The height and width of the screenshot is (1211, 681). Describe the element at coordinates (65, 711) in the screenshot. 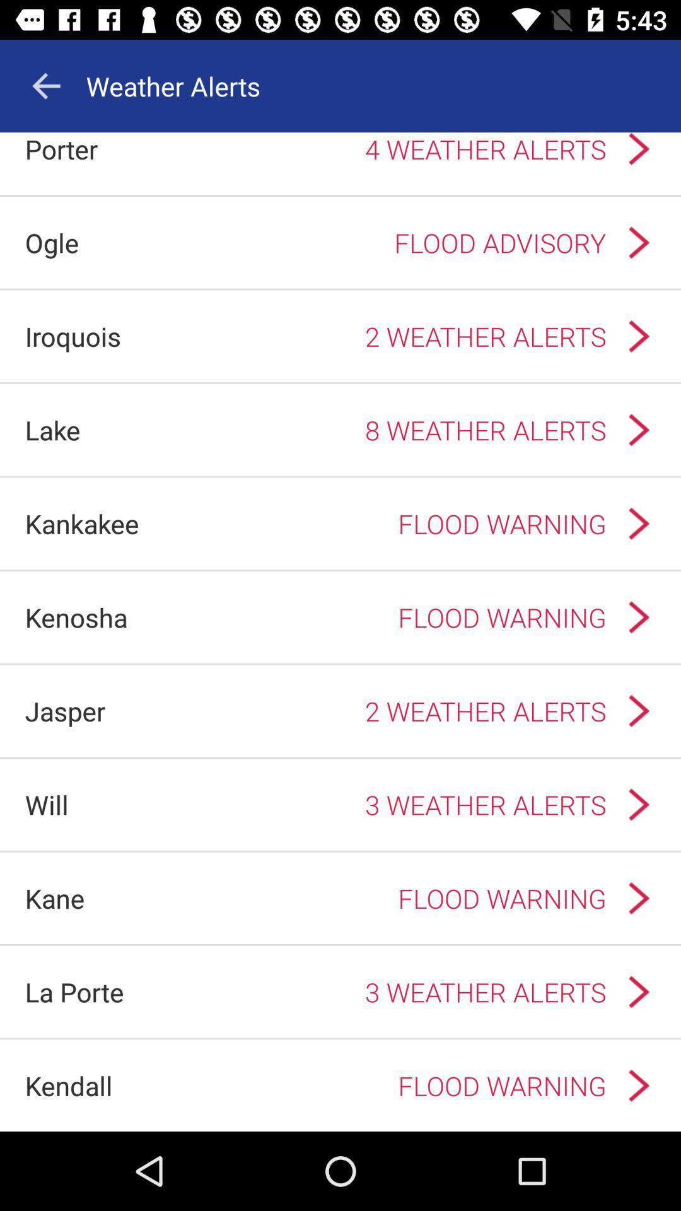

I see `item to the left of the 2 weather alerts item` at that location.